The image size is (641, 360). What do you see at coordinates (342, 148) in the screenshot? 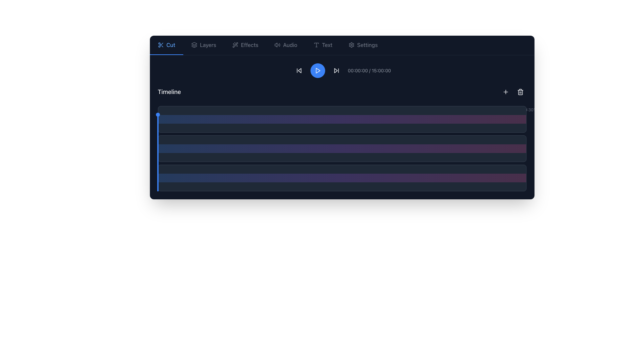
I see `the prominent middle gradient bar in the timeline interface that features a color transition from blue to purple to pink` at bounding box center [342, 148].